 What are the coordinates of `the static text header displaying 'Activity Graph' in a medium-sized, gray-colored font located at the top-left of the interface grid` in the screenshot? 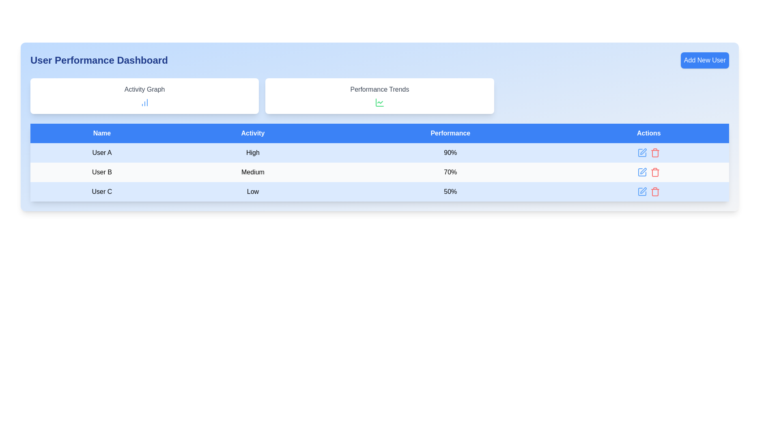 It's located at (144, 89).